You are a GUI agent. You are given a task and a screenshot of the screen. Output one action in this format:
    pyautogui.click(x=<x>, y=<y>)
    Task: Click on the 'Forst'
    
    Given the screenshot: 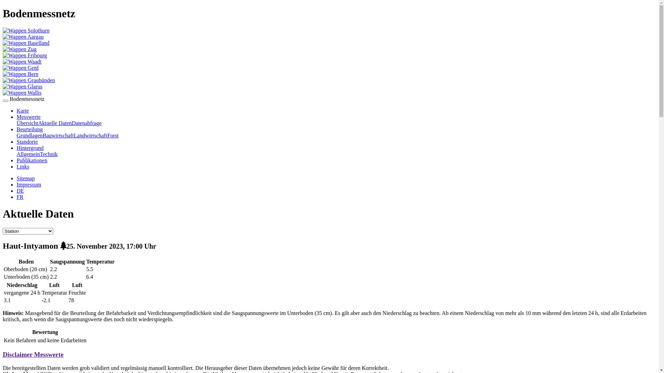 What is the action you would take?
    pyautogui.click(x=113, y=135)
    